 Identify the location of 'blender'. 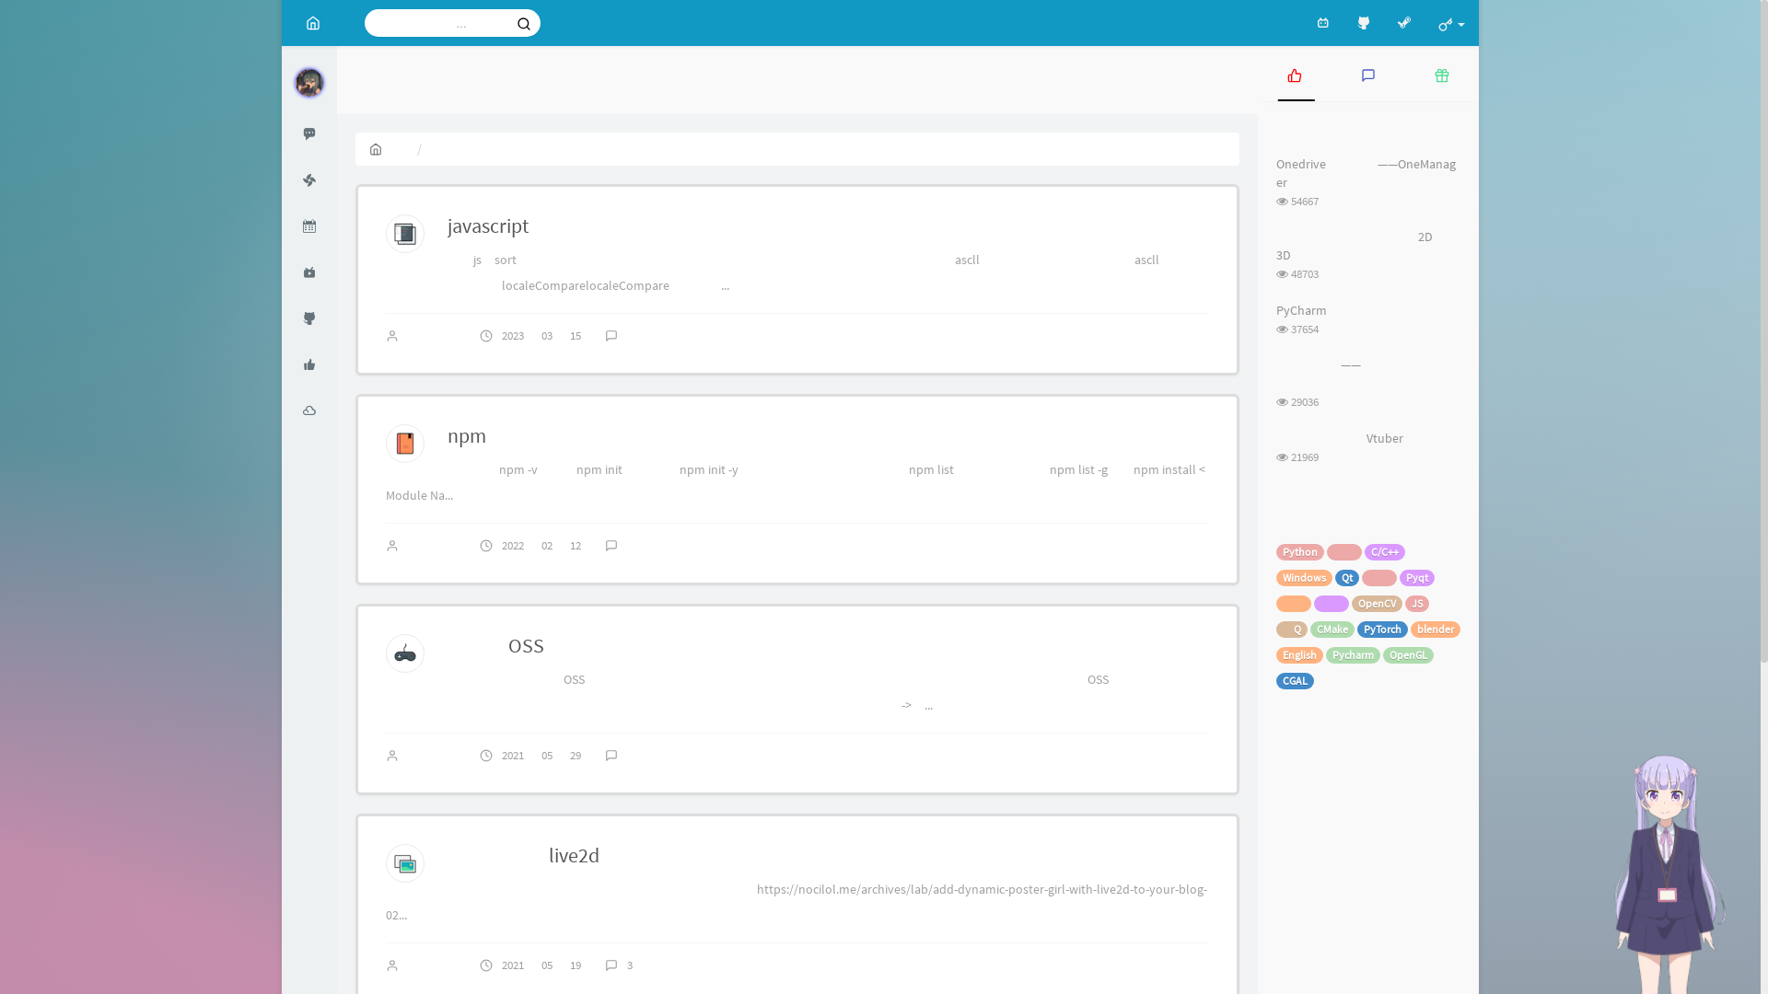
(1409, 628).